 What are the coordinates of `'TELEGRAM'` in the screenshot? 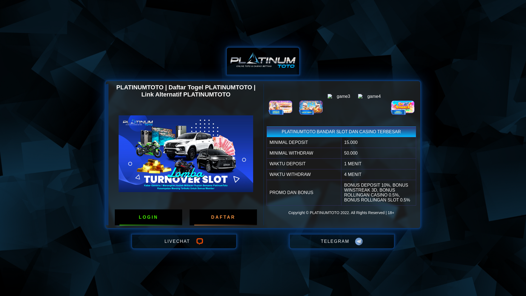 It's located at (342, 241).